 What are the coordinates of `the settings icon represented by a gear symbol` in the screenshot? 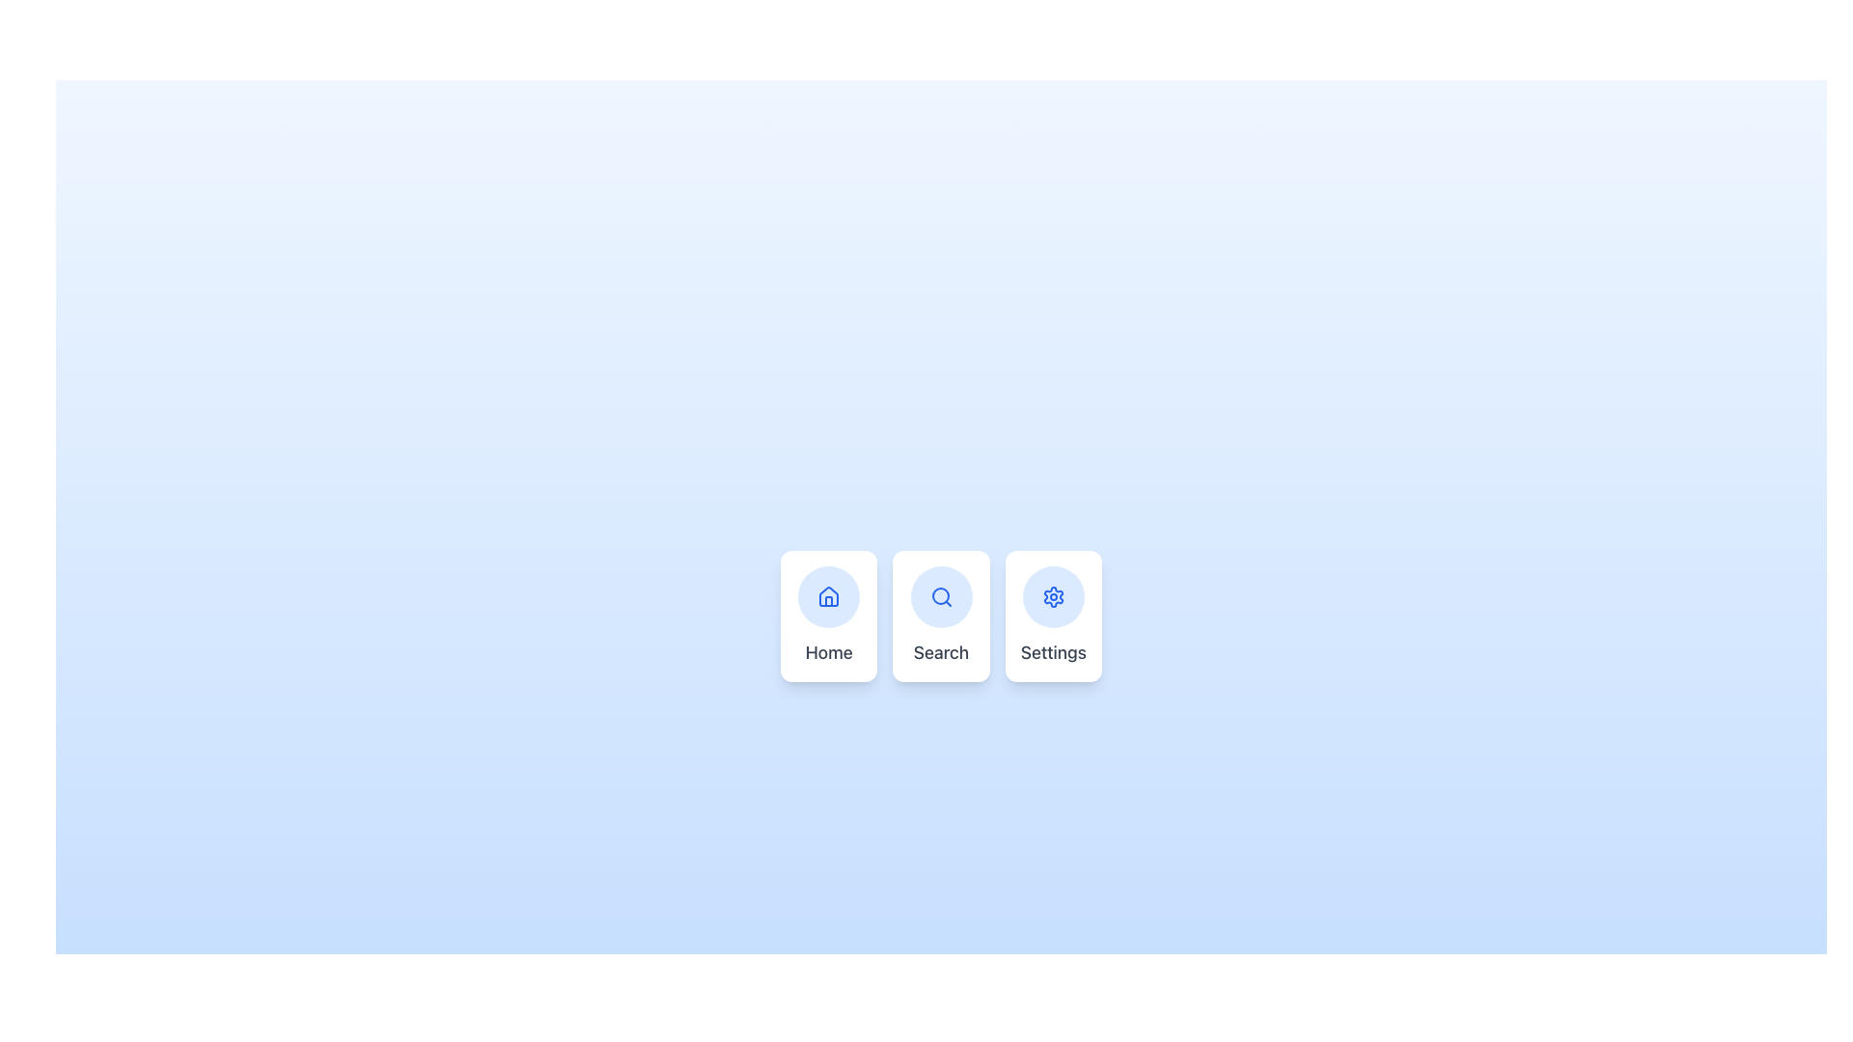 It's located at (1052, 595).